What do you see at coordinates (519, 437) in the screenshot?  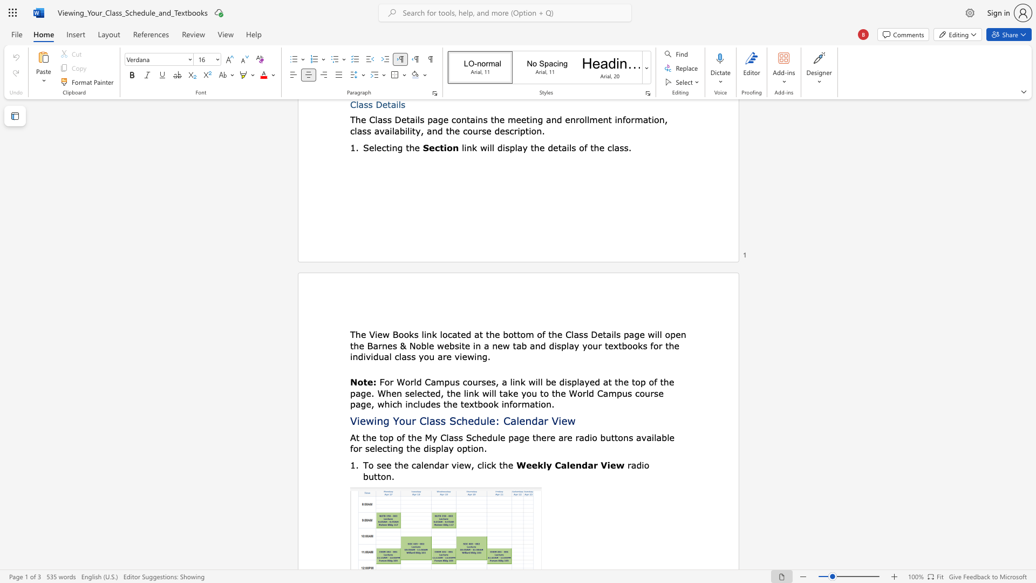 I see `the subset text "ge there are radio buttons availa" within the text "At the top of the My Class Schedule page there are radio buttons available for selecting the display"` at bounding box center [519, 437].